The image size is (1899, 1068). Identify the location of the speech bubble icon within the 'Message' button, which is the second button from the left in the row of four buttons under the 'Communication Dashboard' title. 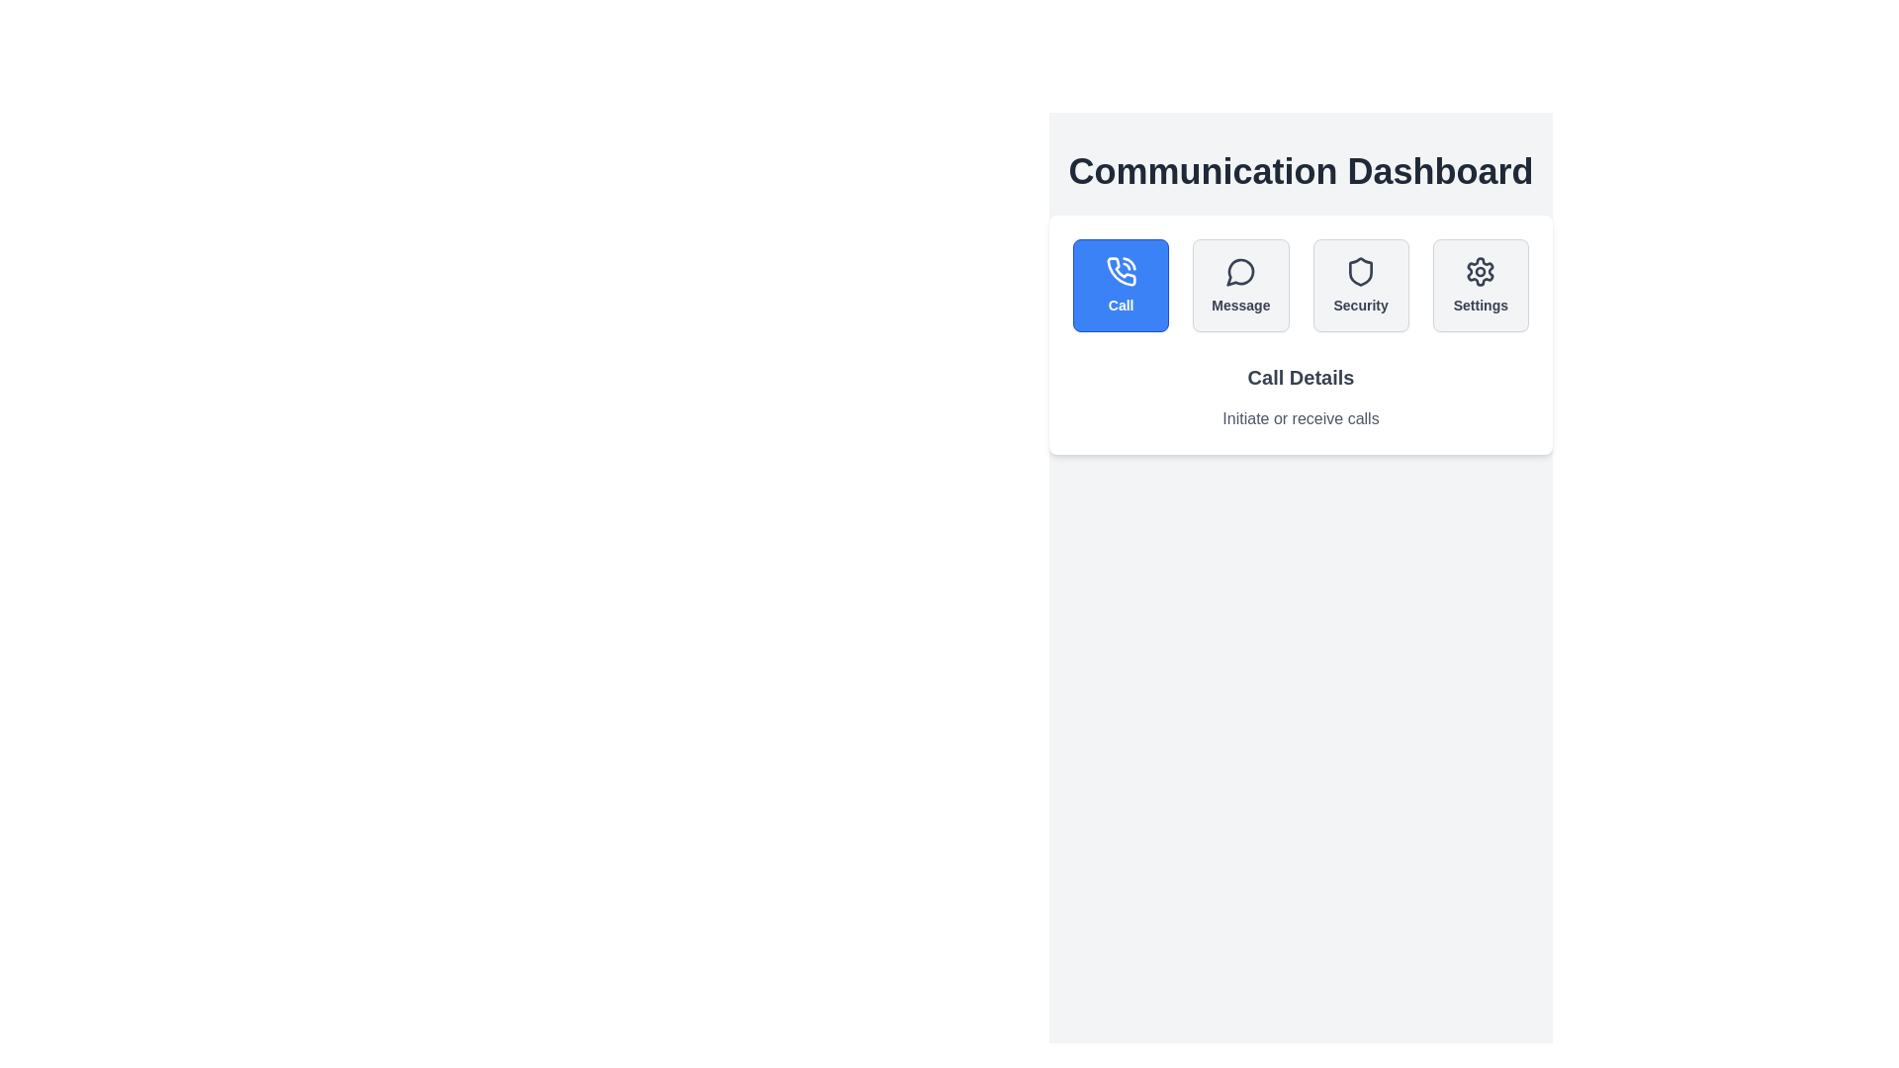
(1239, 272).